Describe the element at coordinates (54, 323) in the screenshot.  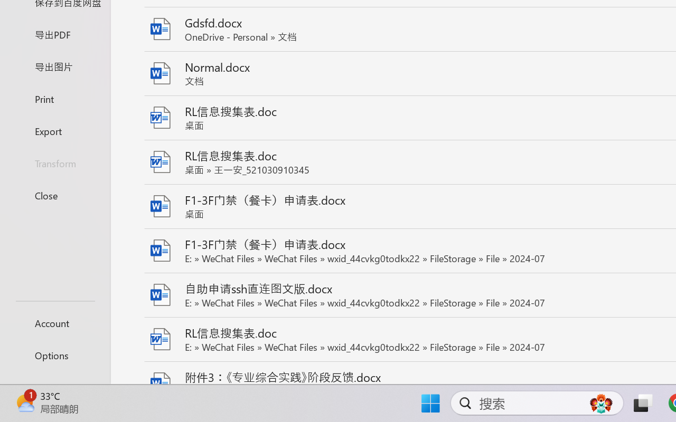
I see `'Account'` at that location.